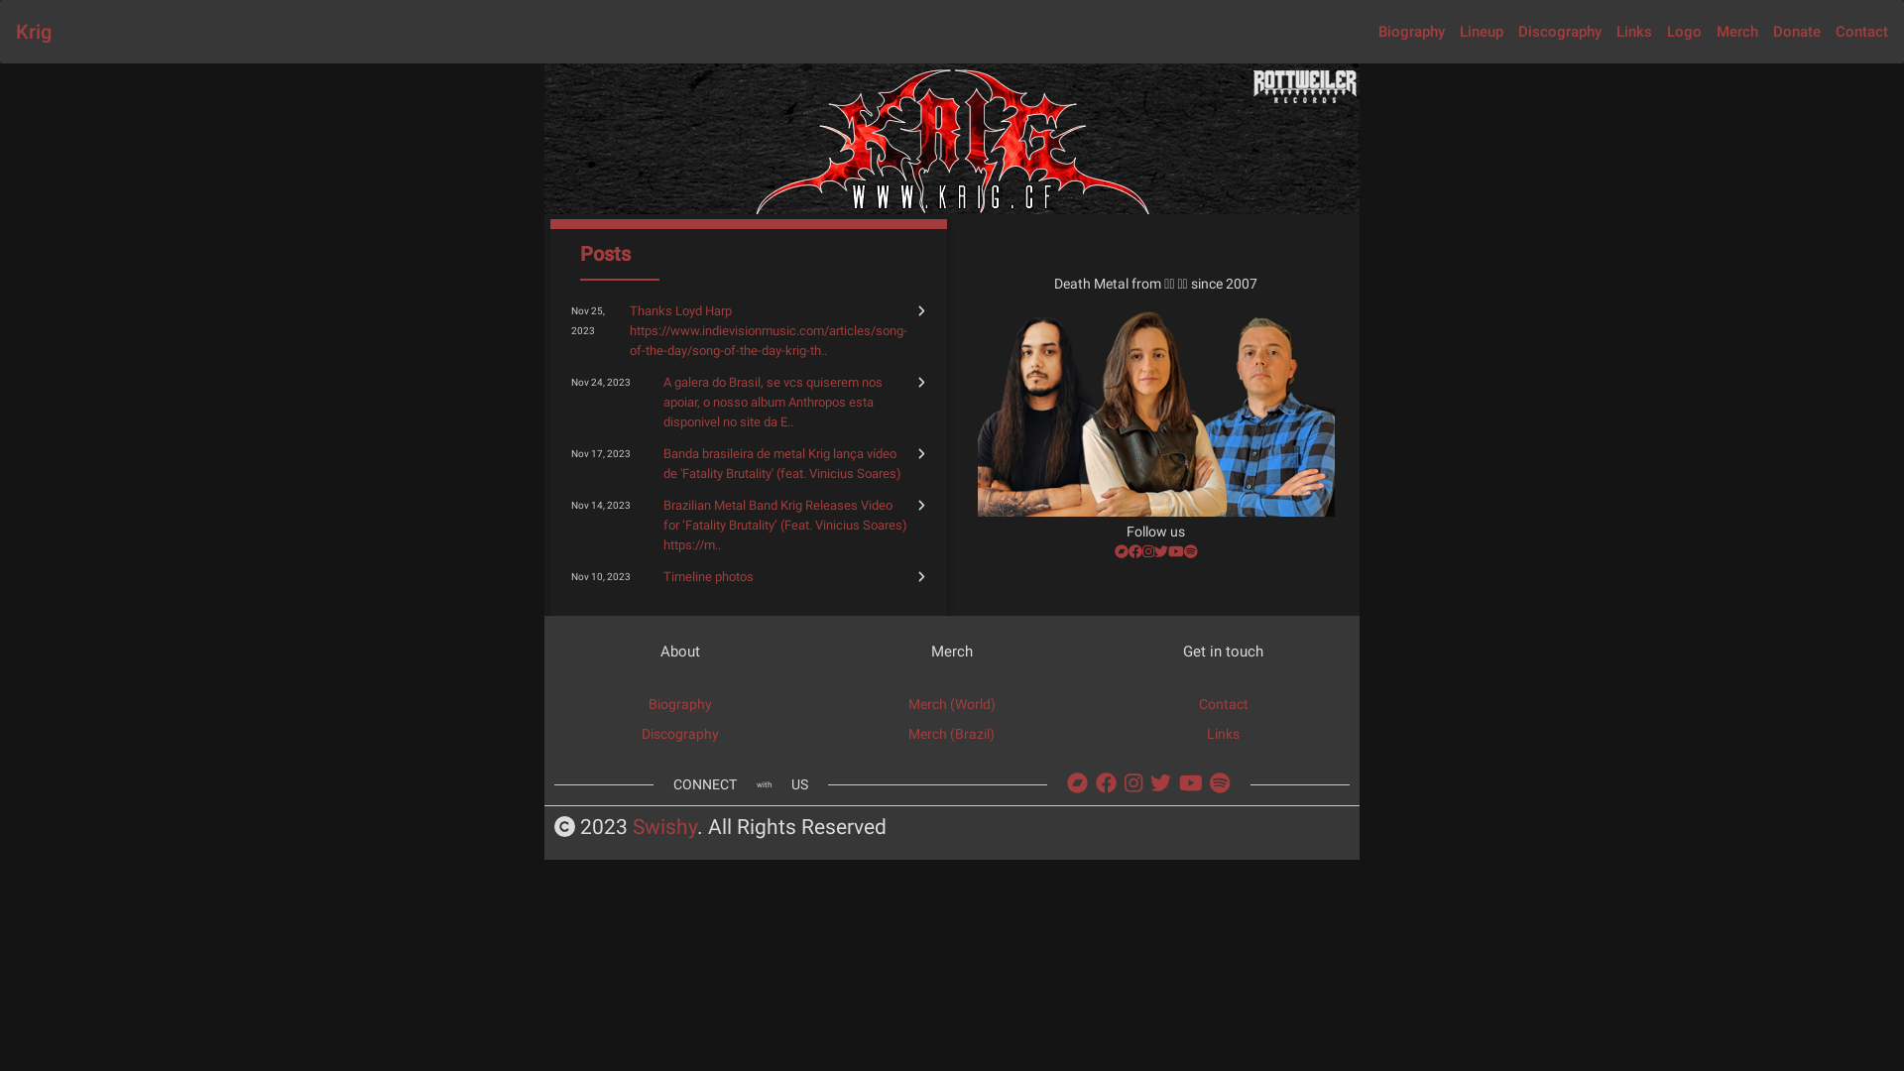 The width and height of the screenshot is (1904, 1071). Describe the element at coordinates (1377, 31) in the screenshot. I see `'Biography'` at that location.